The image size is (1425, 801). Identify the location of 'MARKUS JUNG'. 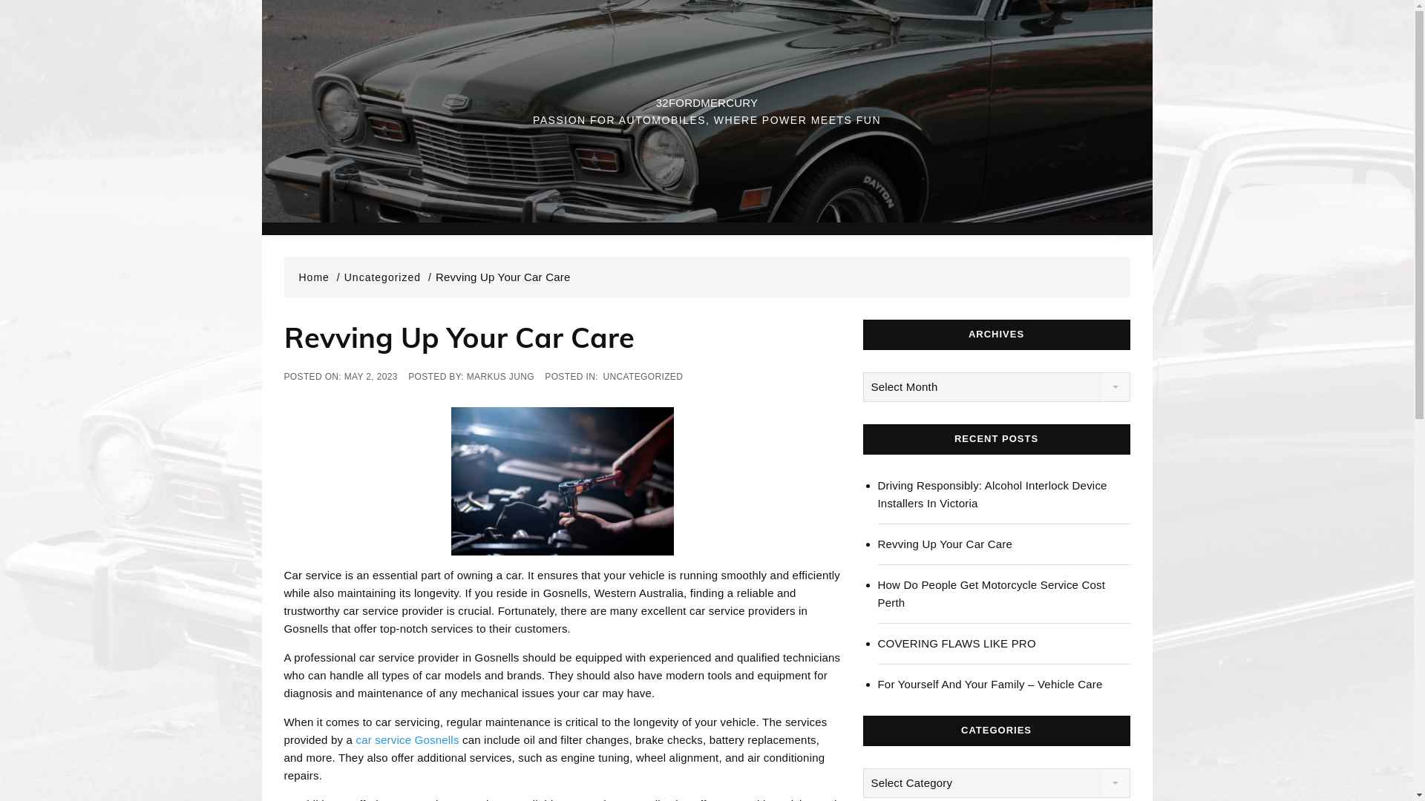
(500, 376).